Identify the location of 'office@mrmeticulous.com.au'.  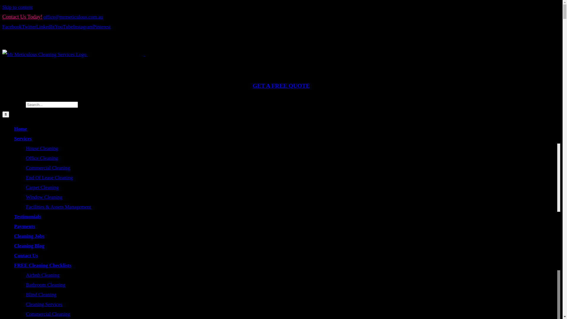
(73, 17).